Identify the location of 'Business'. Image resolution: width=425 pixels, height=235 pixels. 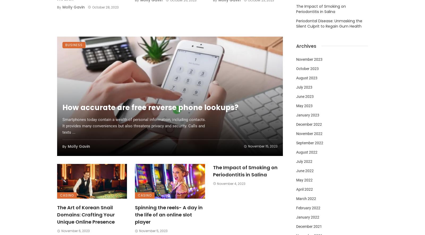
(74, 44).